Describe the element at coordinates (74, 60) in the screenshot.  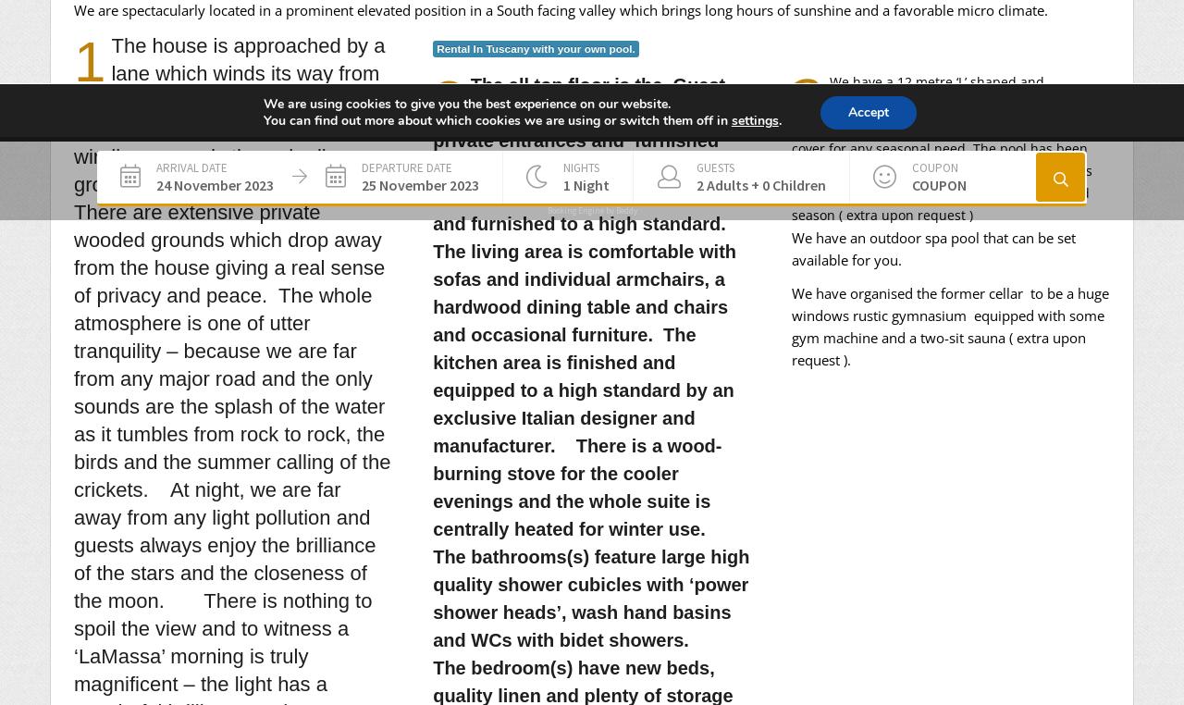
I see `'1'` at that location.